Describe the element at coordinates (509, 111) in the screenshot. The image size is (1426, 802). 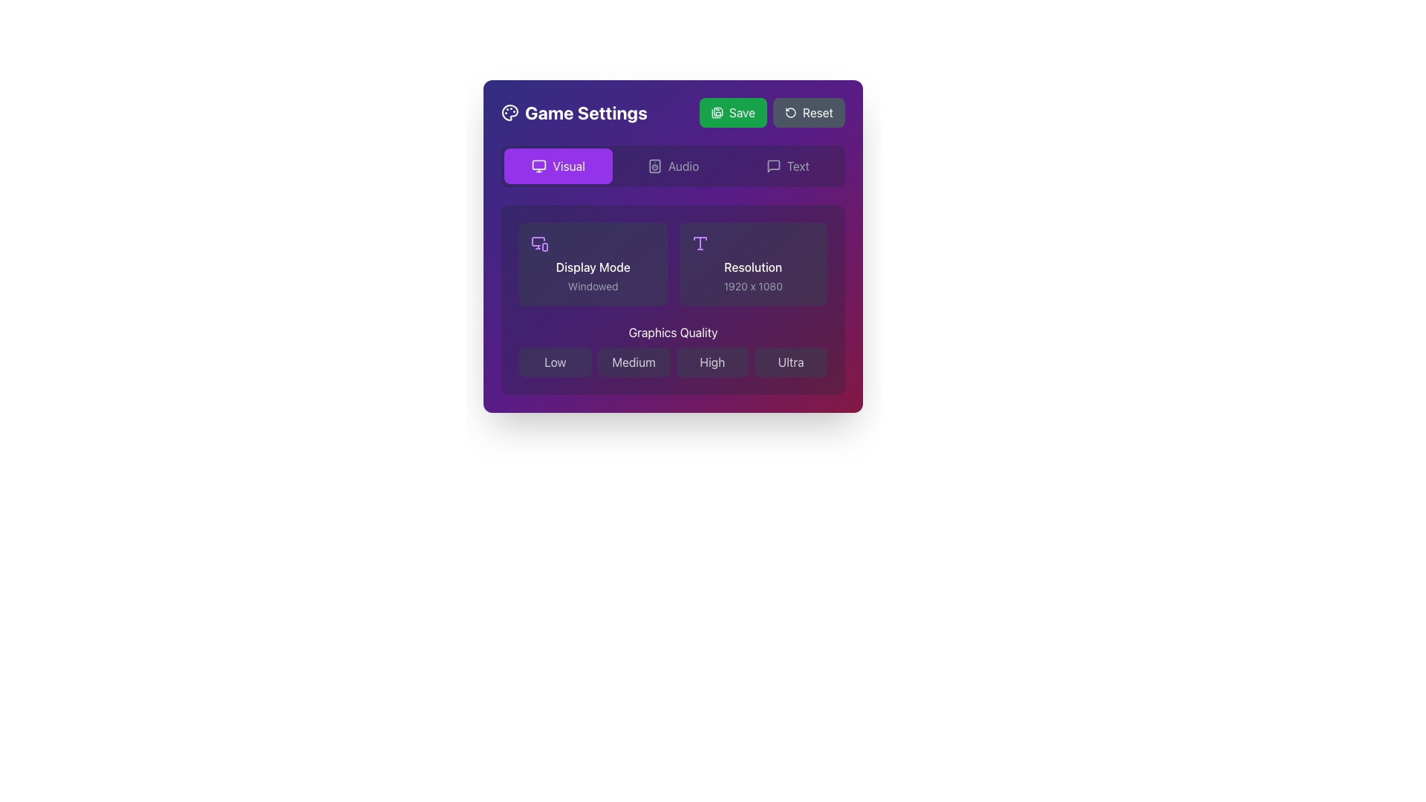
I see `the circular palette icon located in the top-left corner of the settings interface, adjacent to the 'Game Settings' text` at that location.